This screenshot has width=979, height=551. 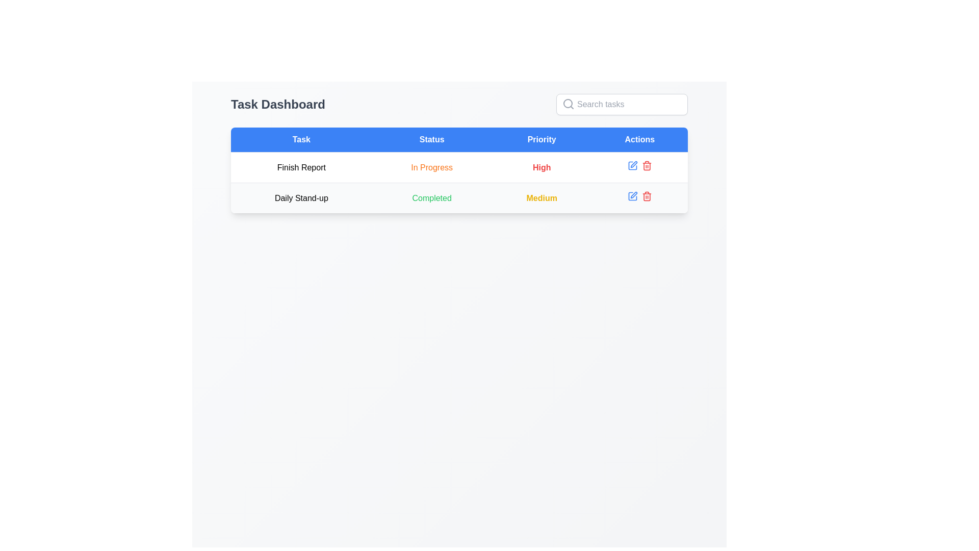 What do you see at coordinates (646, 197) in the screenshot?
I see `the trash bin icon located in the second row of the task table` at bounding box center [646, 197].